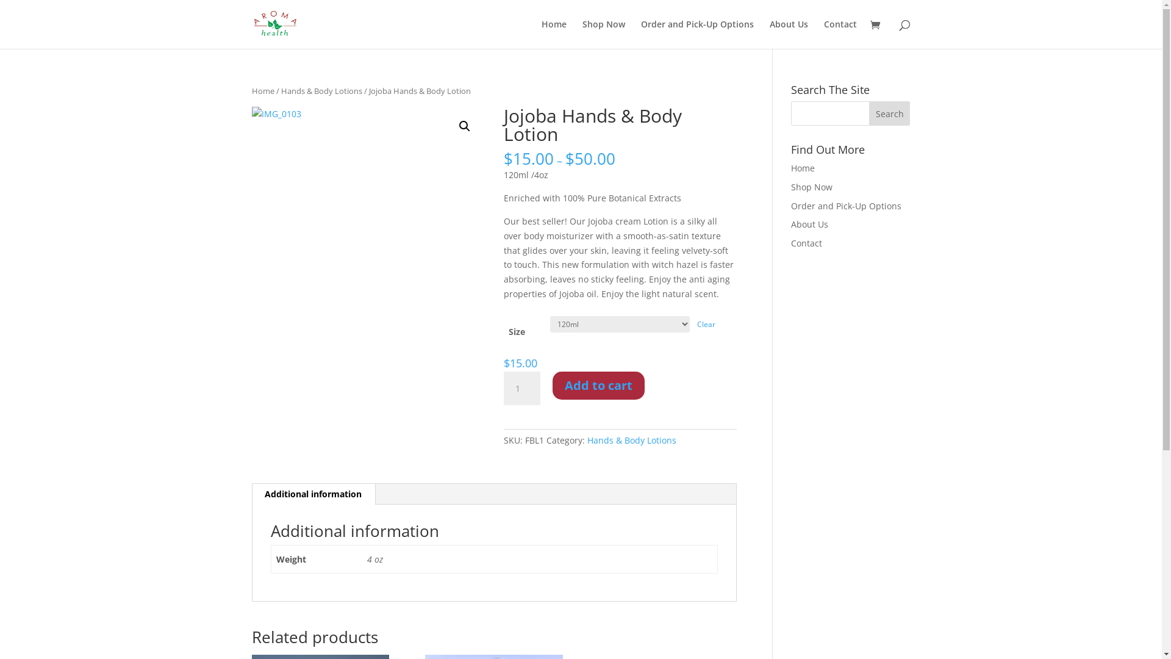  What do you see at coordinates (811, 187) in the screenshot?
I see `'Shop Now'` at bounding box center [811, 187].